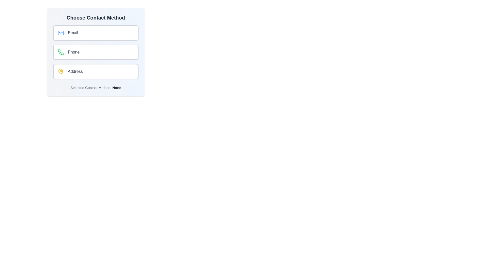  I want to click on the text label of the contact method Email, so click(73, 33).